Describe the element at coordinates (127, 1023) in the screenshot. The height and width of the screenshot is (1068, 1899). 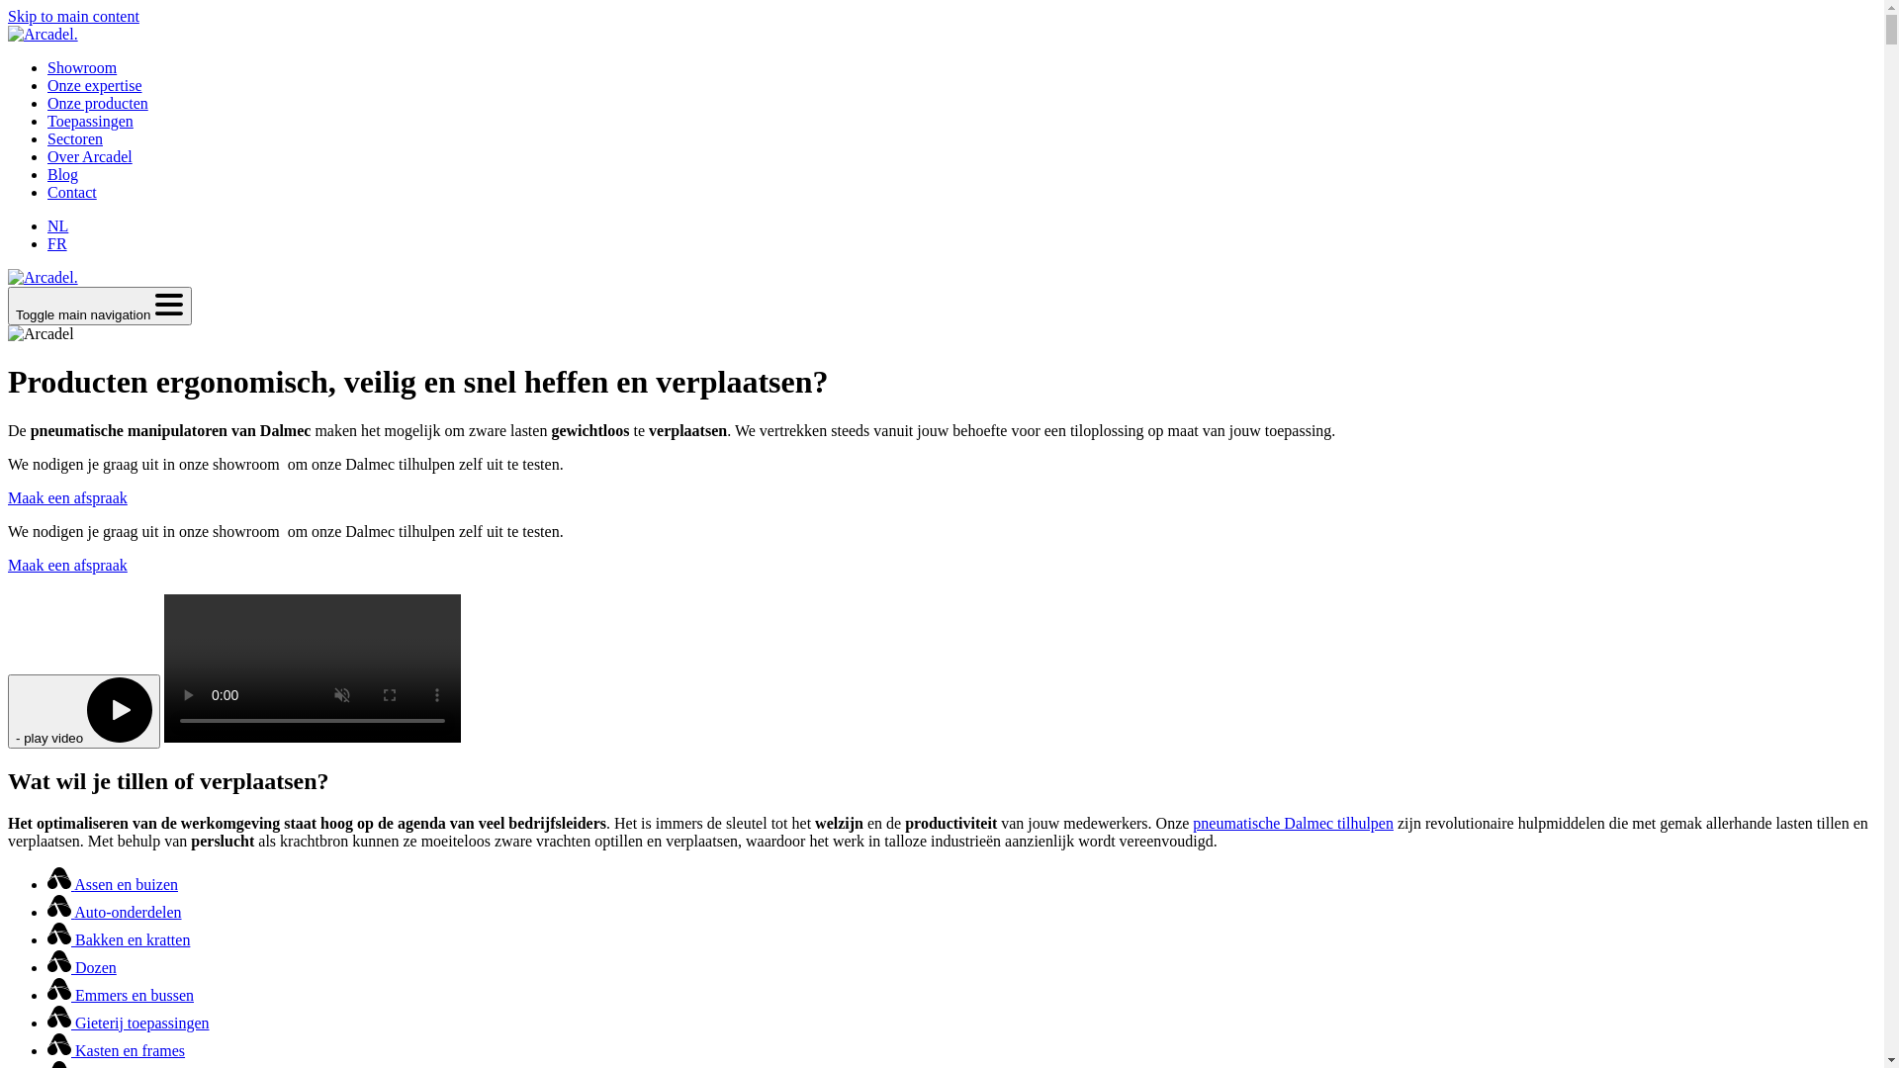
I see `'Gieterij toepassingen'` at that location.